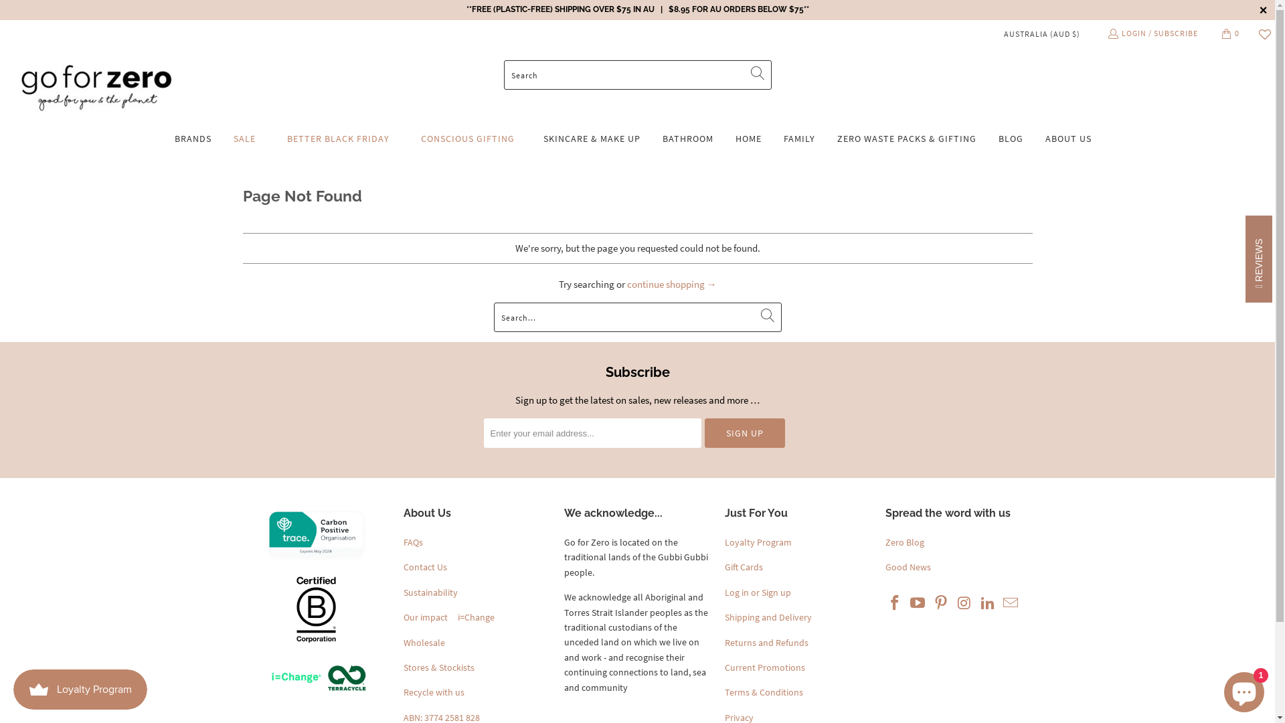  I want to click on 'Zero Blog', so click(904, 542).